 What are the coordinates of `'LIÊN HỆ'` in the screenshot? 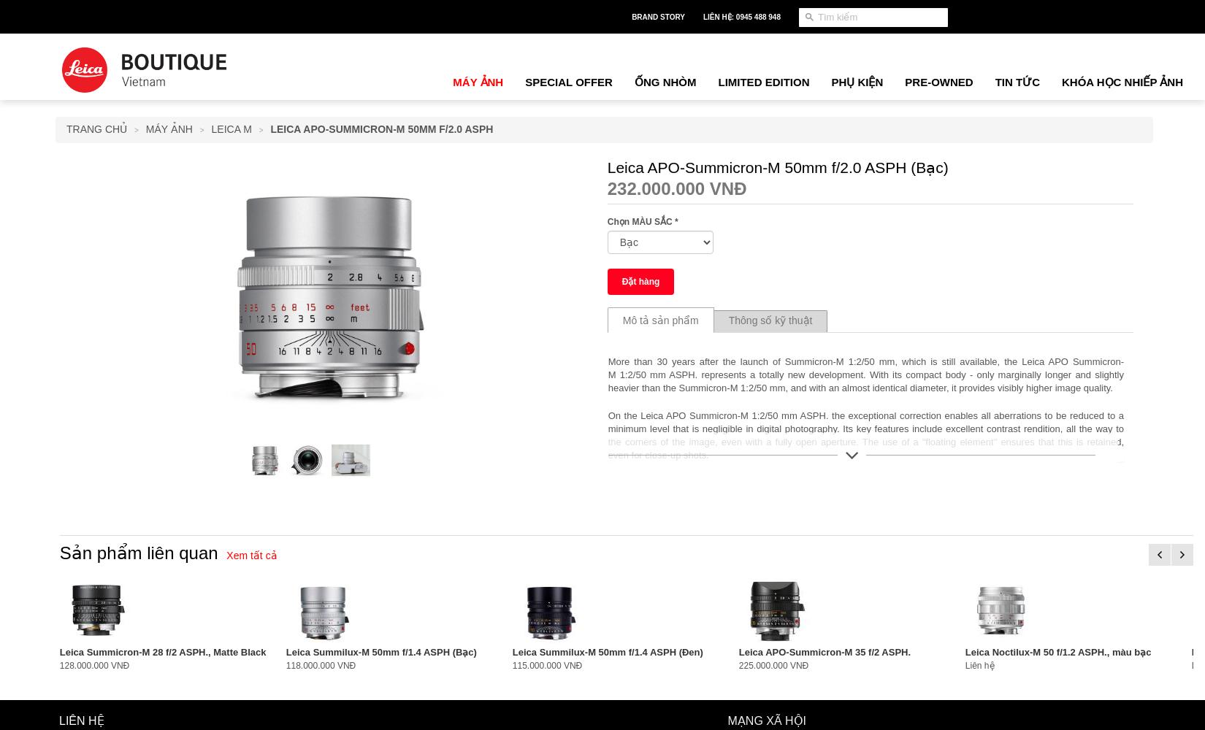 It's located at (81, 720).